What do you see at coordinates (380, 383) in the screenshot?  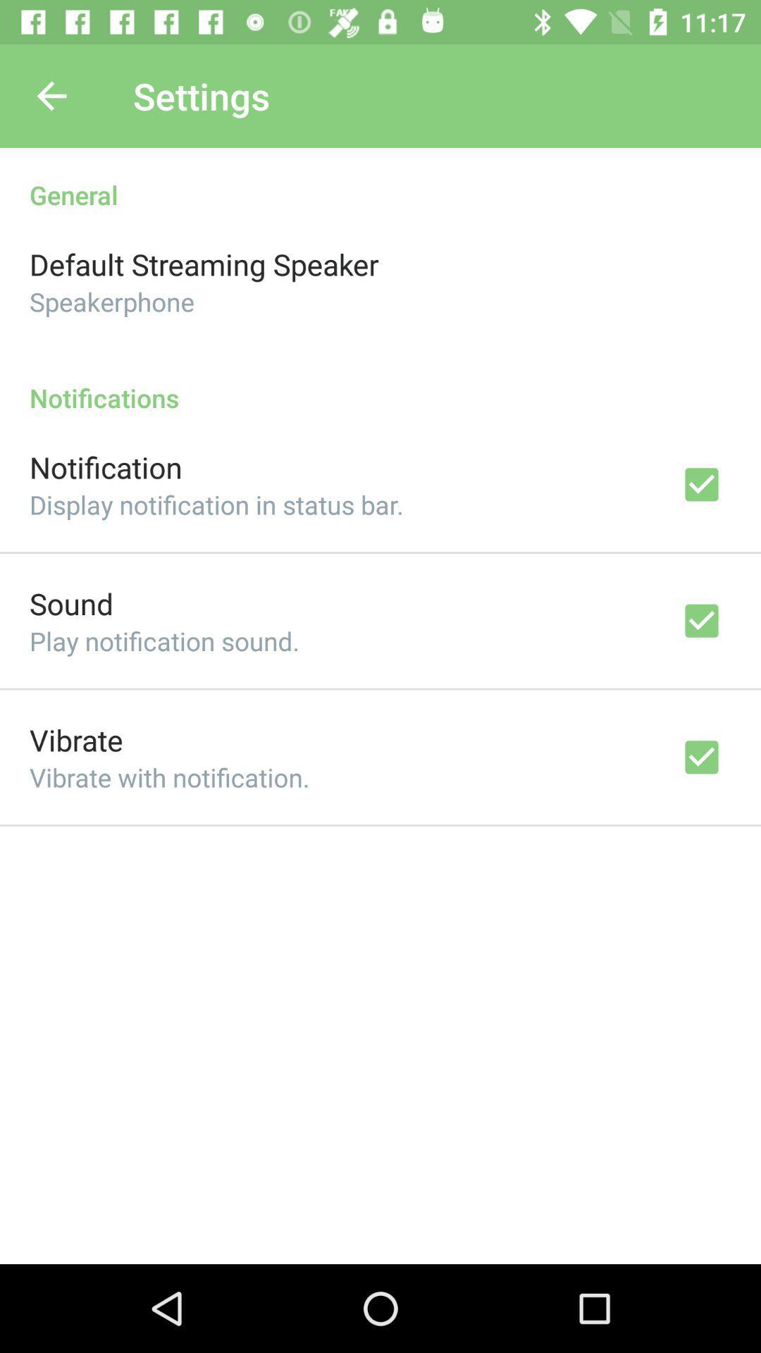 I see `notifications` at bounding box center [380, 383].